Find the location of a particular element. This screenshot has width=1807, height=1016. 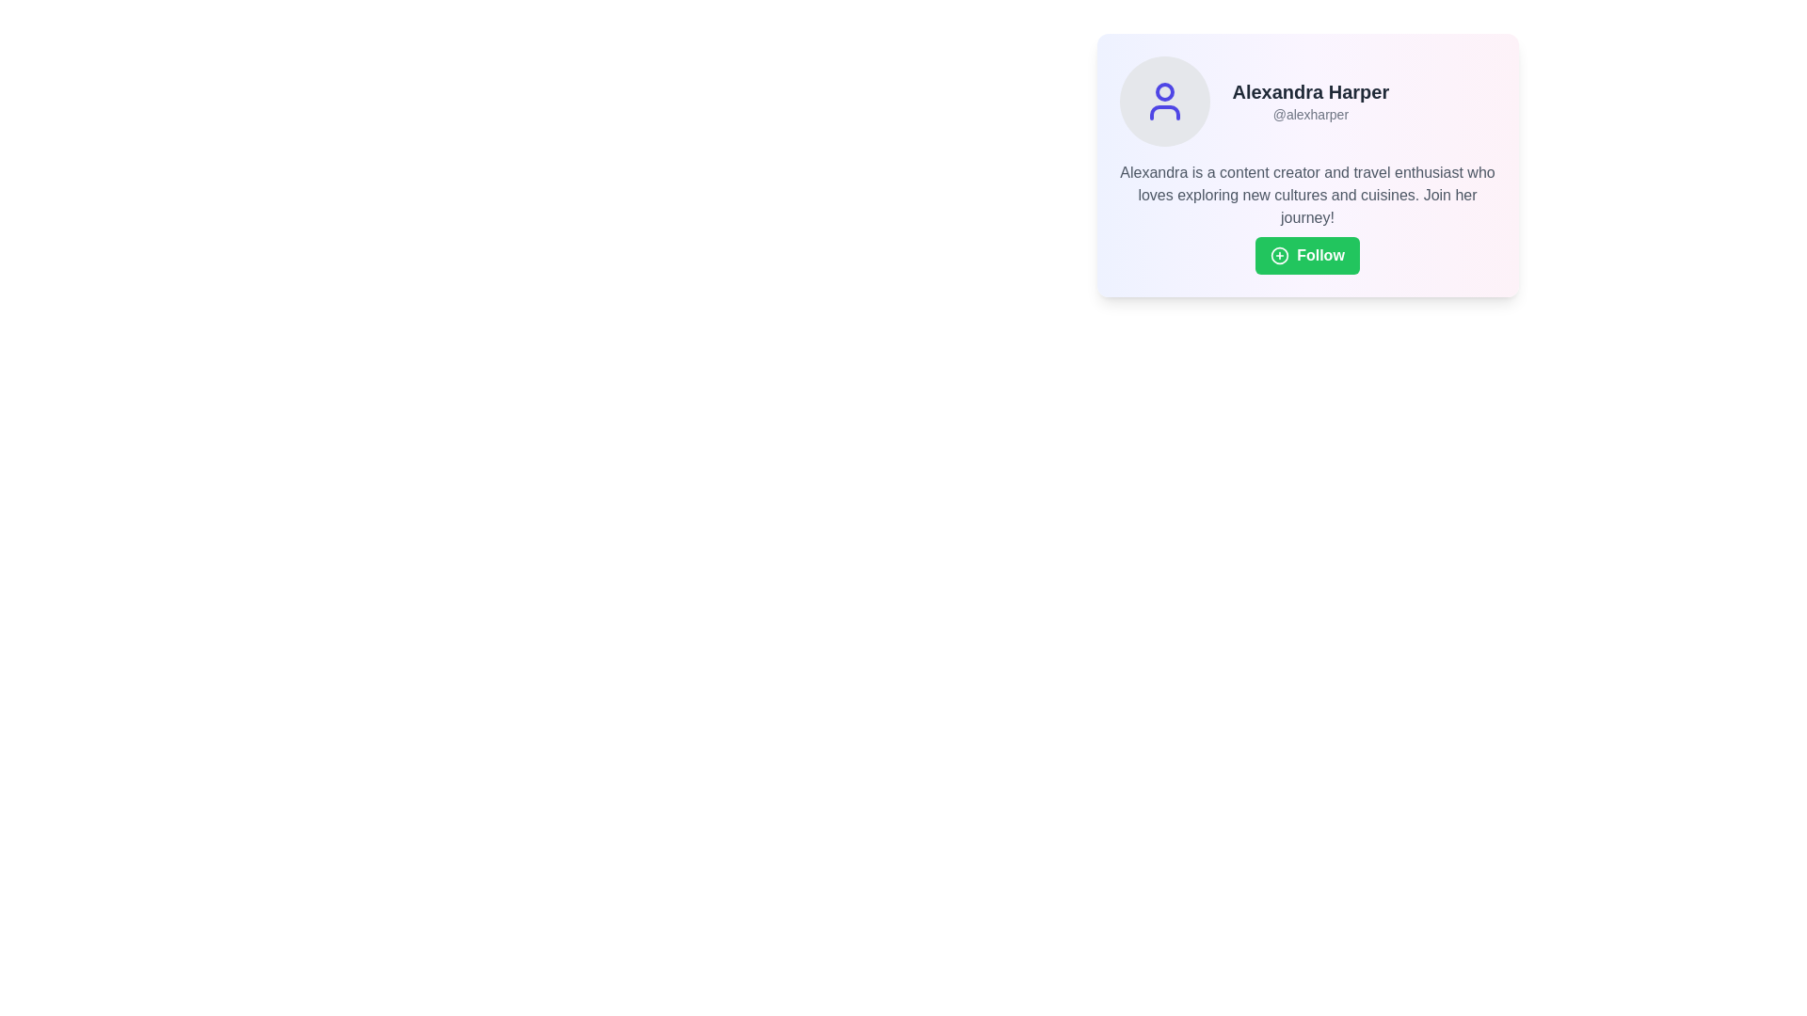

profile name text label located at the top center of the profile card, directly above the username '@alexharper' is located at coordinates (1309, 91).